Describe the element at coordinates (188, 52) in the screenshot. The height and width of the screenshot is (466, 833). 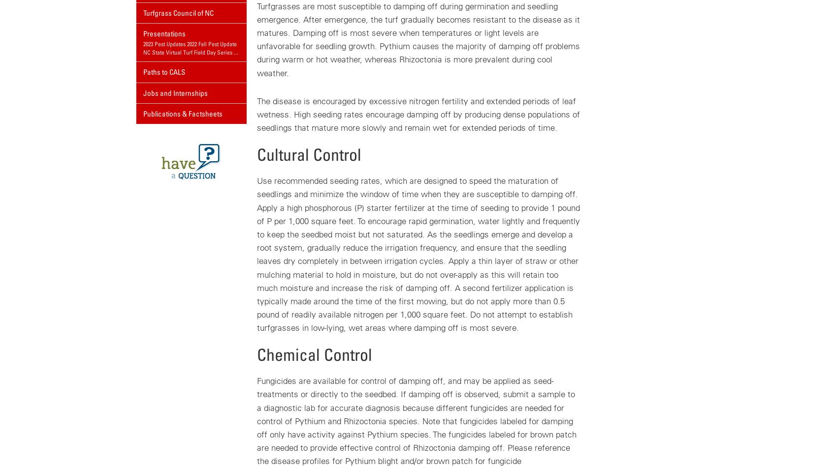
I see `'NC State Virtual Turf Field Day Series'` at that location.